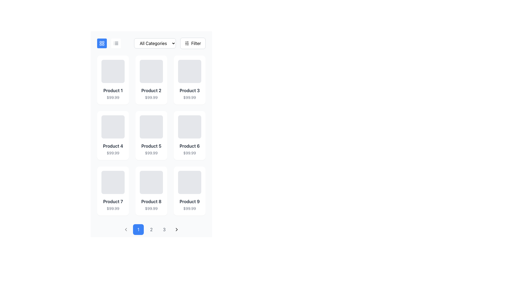 Image resolution: width=518 pixels, height=291 pixels. I want to click on the text block displaying product details located in the third row, middle column of the product grid, so click(151, 205).